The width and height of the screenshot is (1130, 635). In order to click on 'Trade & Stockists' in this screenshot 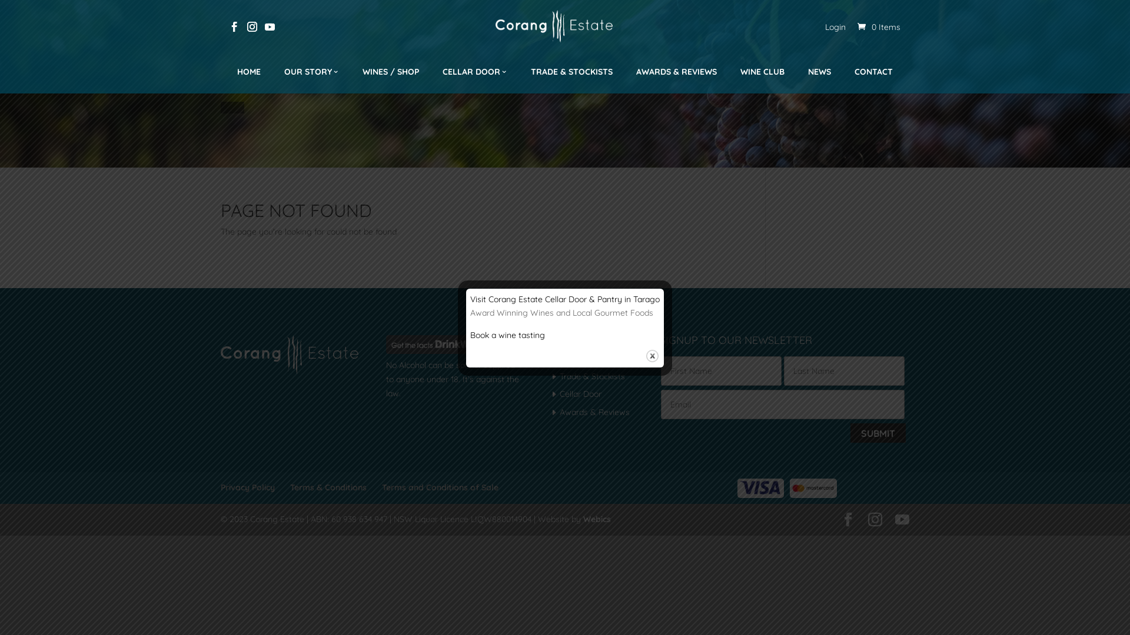, I will do `click(592, 376)`.